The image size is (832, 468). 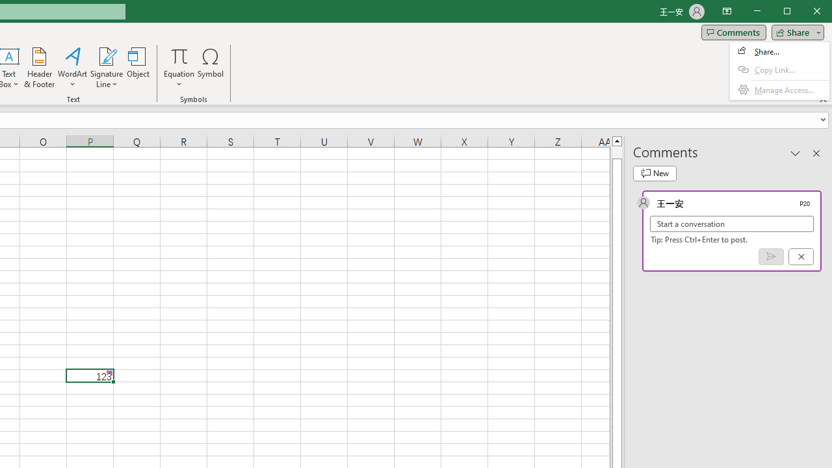 I want to click on 'Equation', so click(x=178, y=68).